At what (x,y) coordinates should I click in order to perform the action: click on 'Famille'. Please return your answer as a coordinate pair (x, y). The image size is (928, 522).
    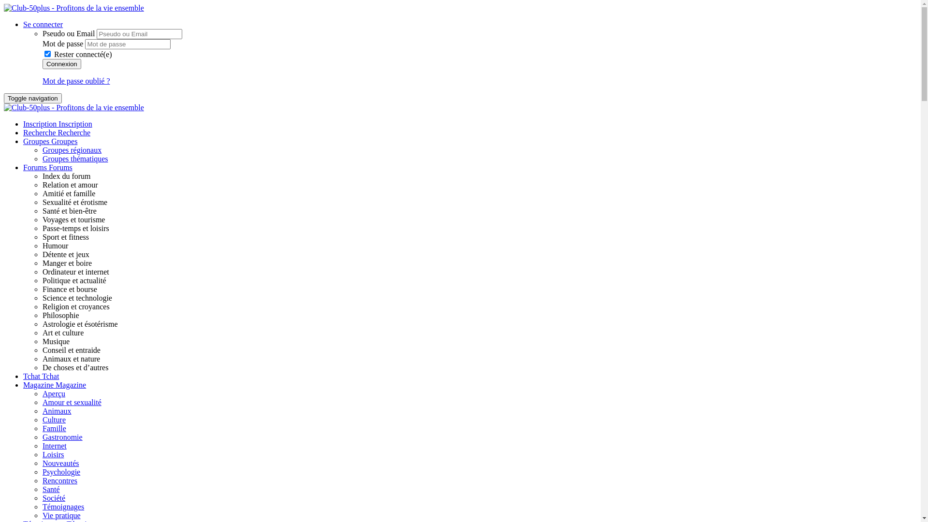
    Looking at the image, I should click on (54, 428).